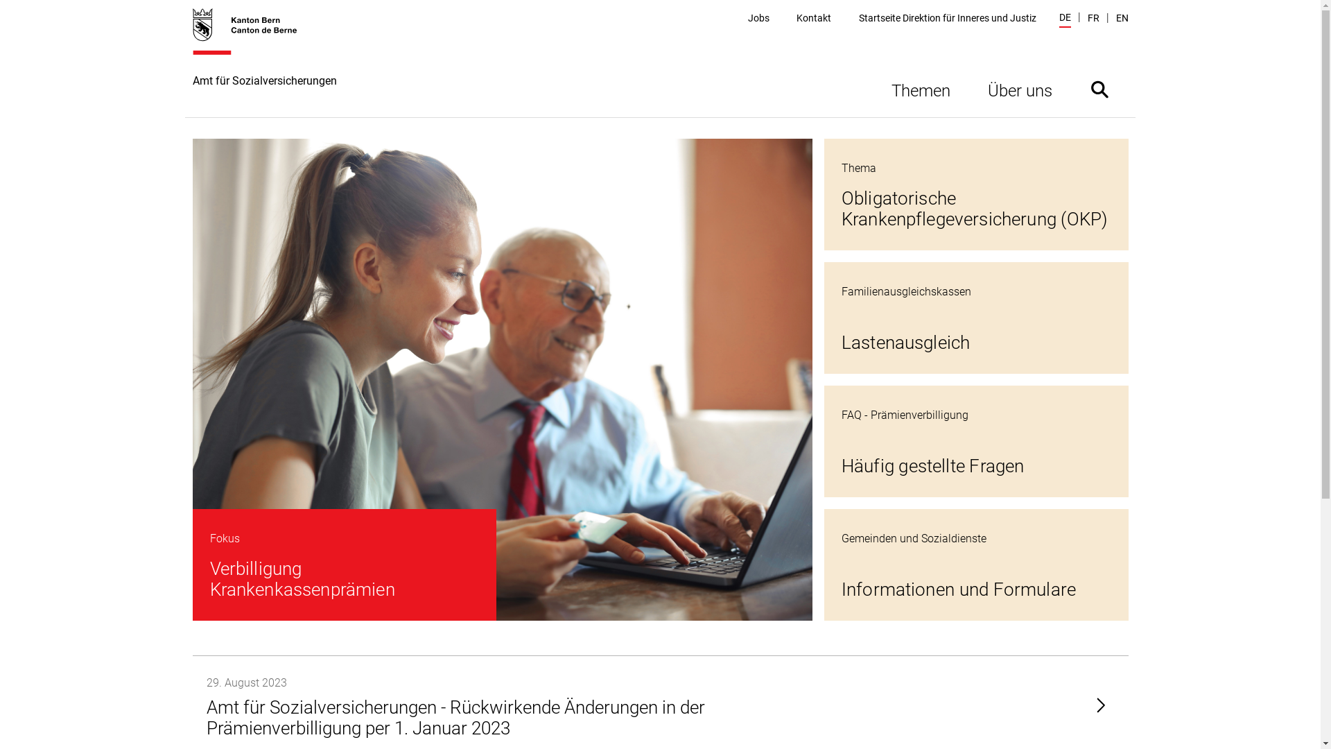 This screenshot has height=749, width=1331. Describe the element at coordinates (975, 318) in the screenshot. I see `'Lastenausgleich` at that location.